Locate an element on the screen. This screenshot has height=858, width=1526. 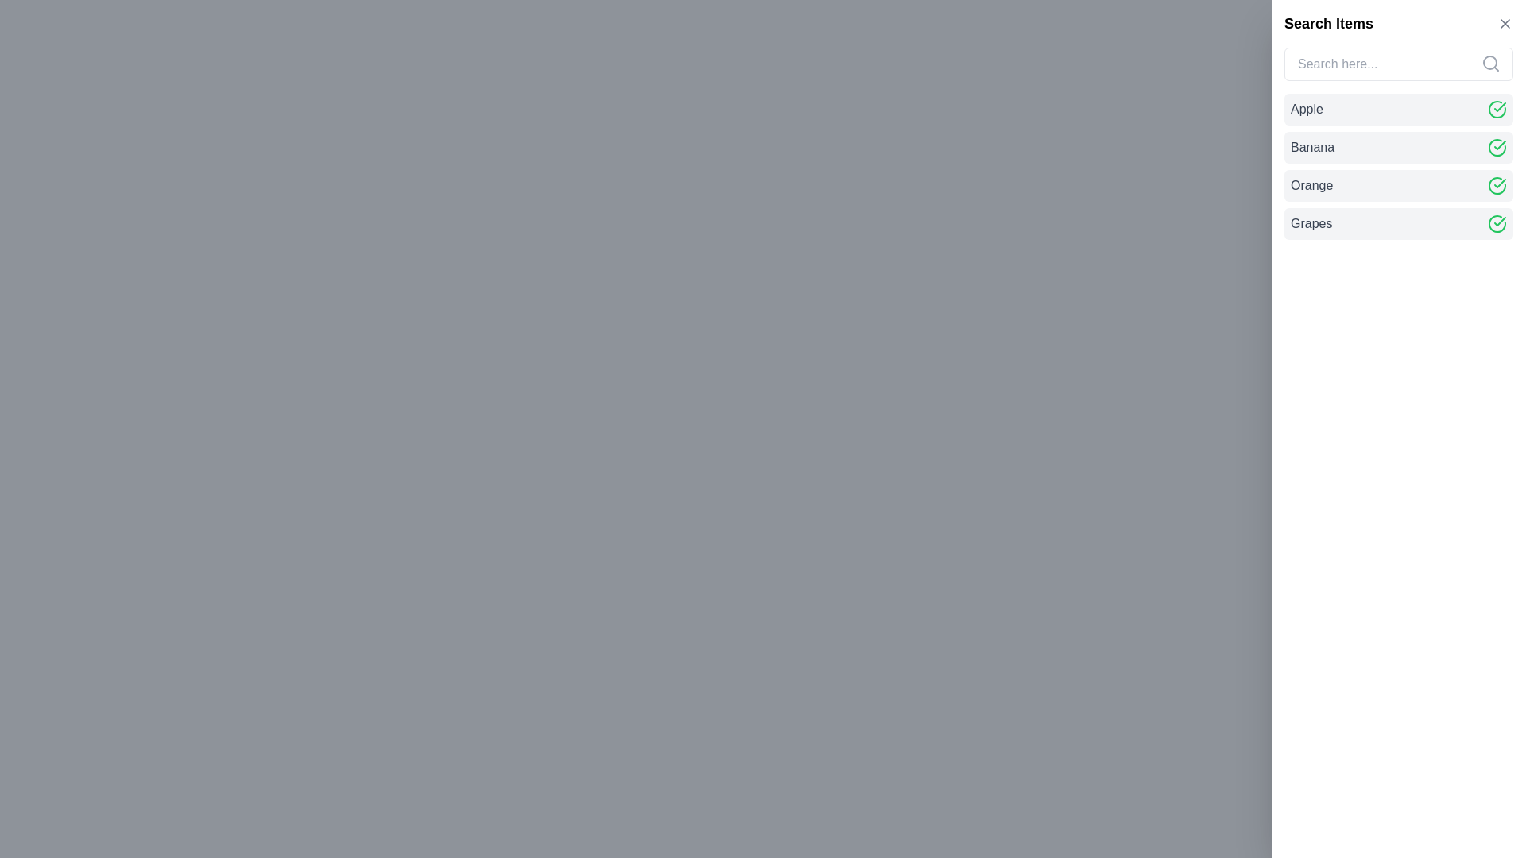
the green circular icon with a white checkmark that indicates a positive status, located next to the text 'Orange' in the fourth row of the interface is located at coordinates (1496, 185).